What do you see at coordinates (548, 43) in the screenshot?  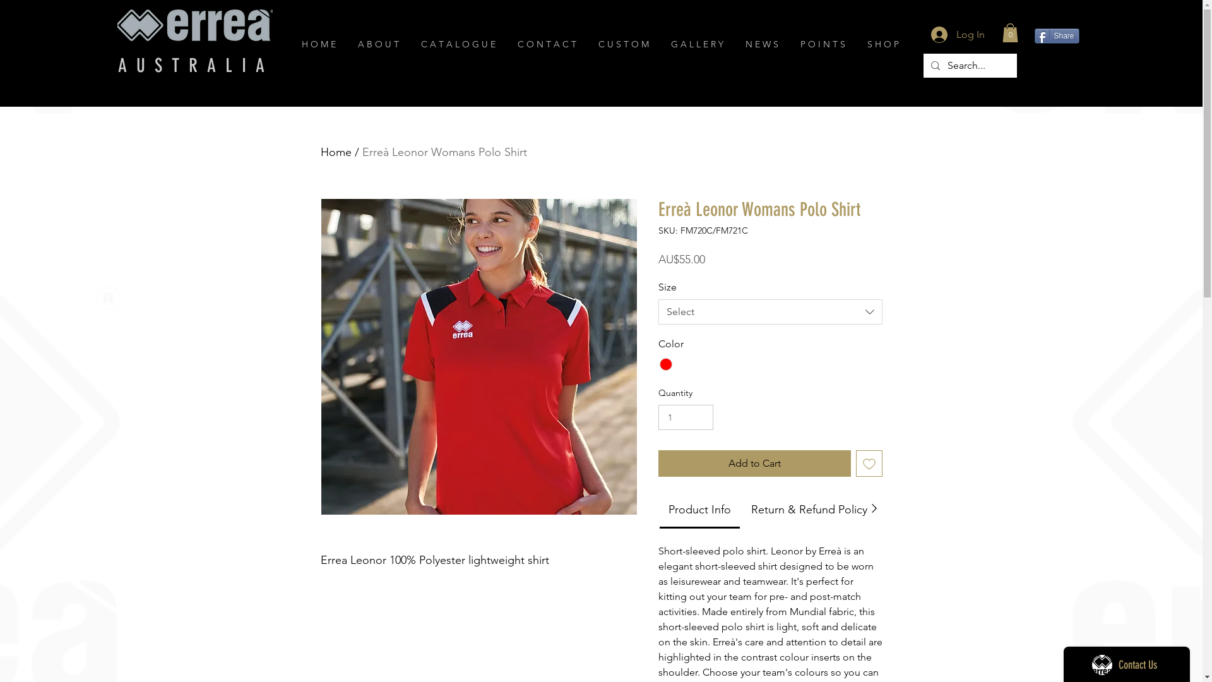 I see `'C O N T A C T'` at bounding box center [548, 43].